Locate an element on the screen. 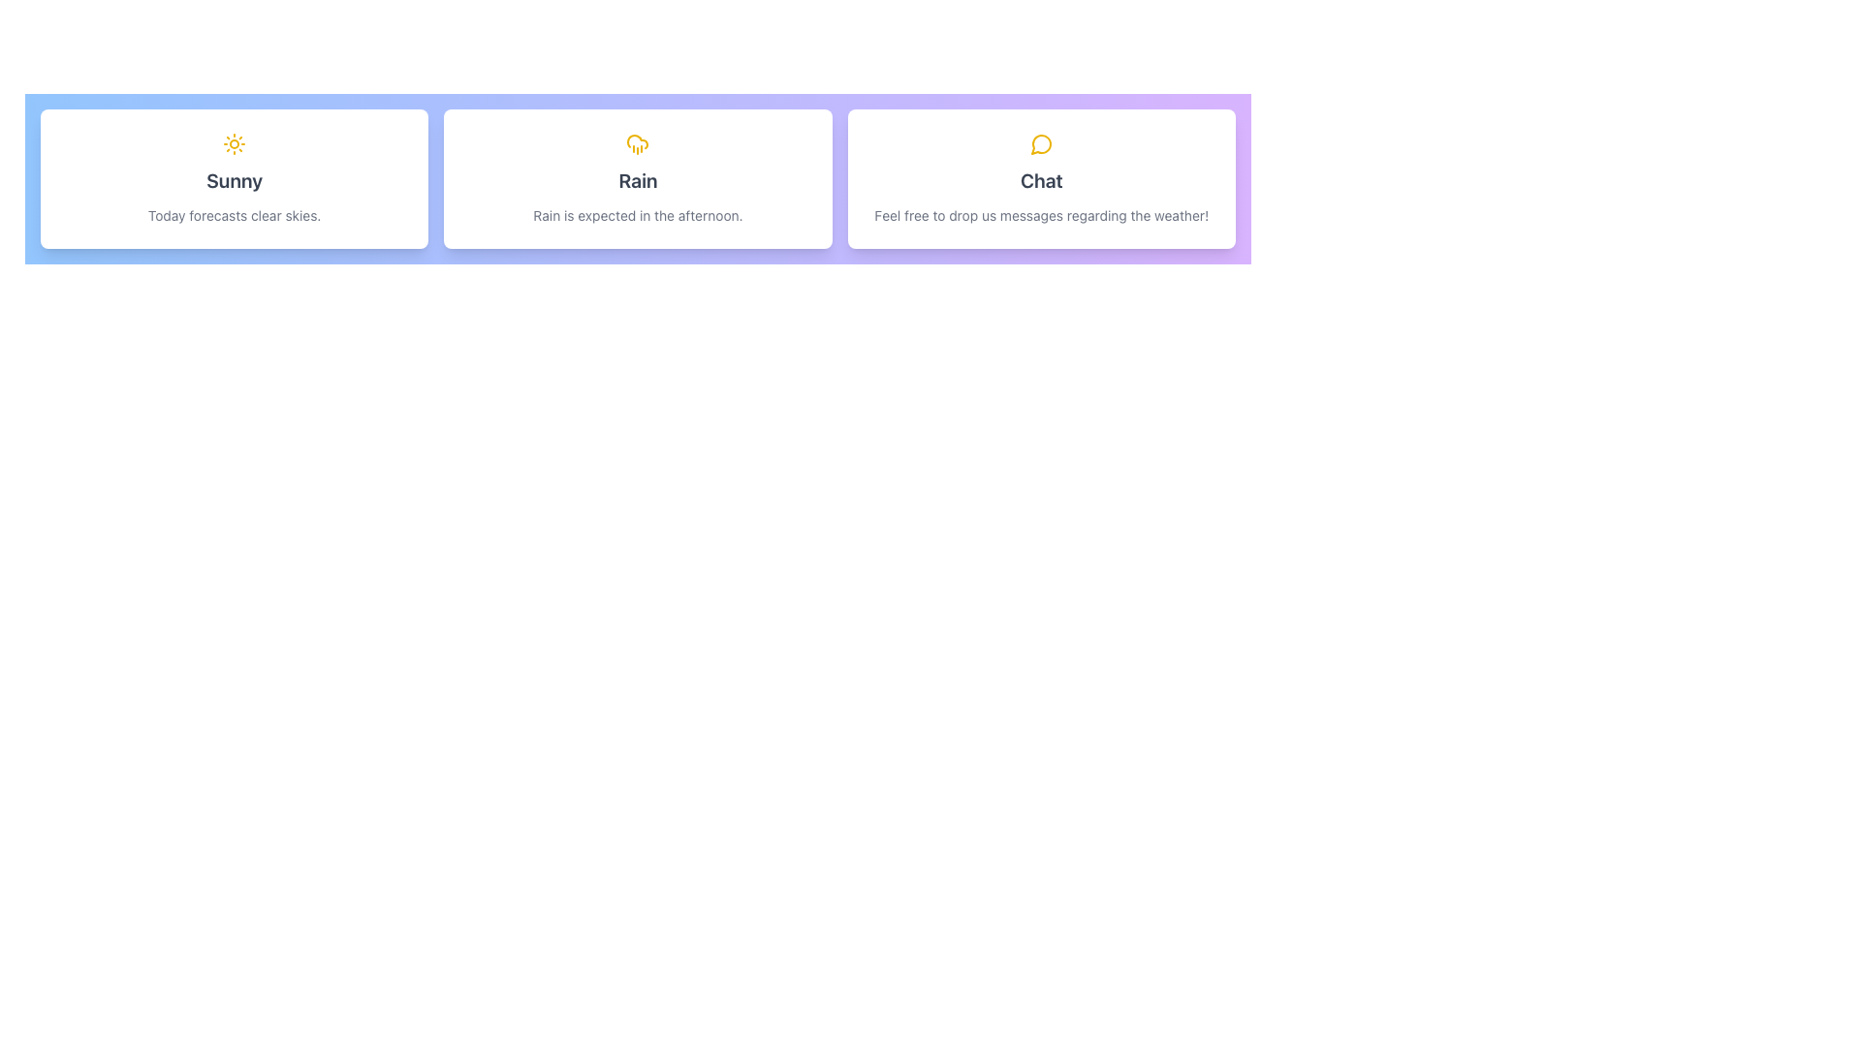 The width and height of the screenshot is (1861, 1046). the text component displaying the message 'Today forecasts clear skies.' which is located at the bottom part of a white card with rounded corners and a blue accent on the left side is located at coordinates (234, 216).